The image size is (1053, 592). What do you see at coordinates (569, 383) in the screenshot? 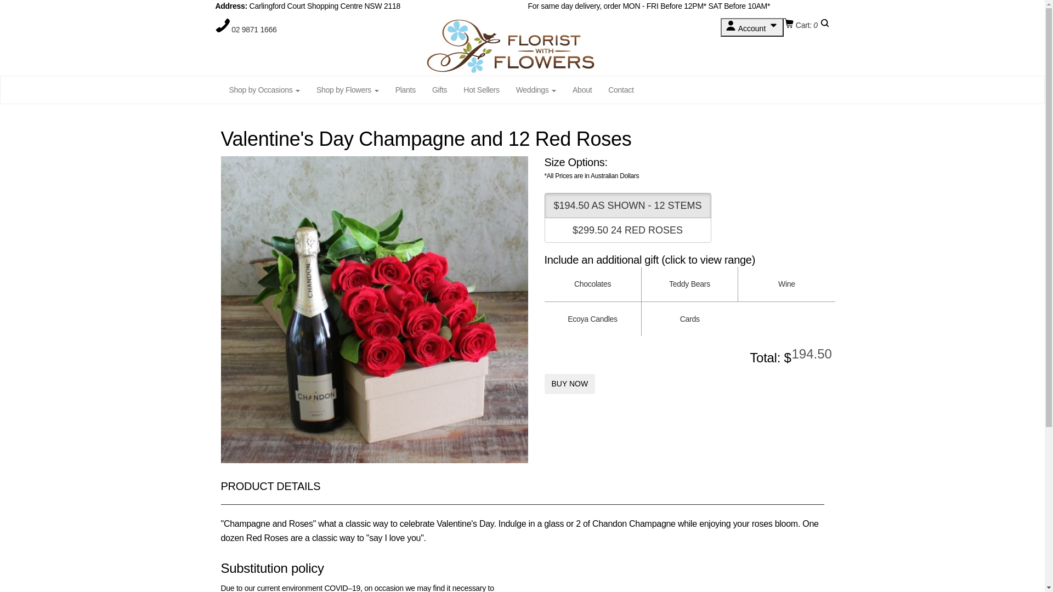
I see `'BUY NOW'` at bounding box center [569, 383].